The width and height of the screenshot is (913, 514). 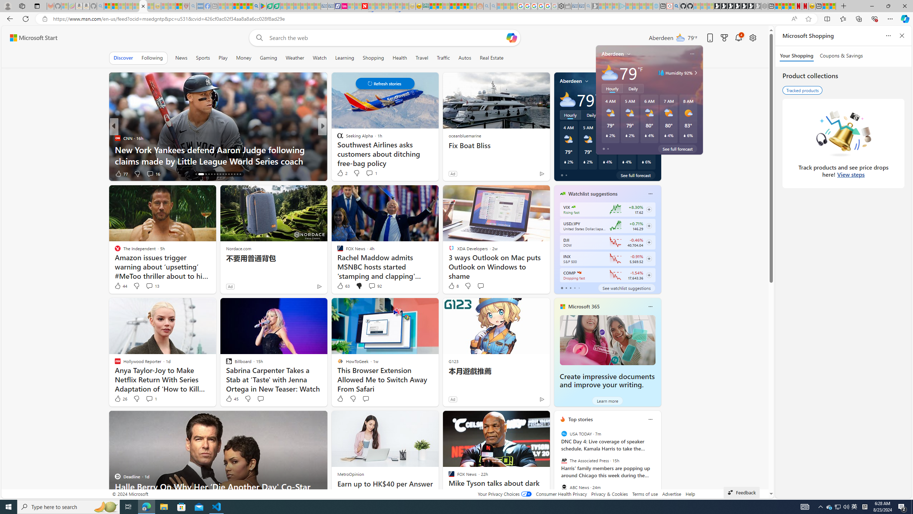 What do you see at coordinates (211, 174) in the screenshot?
I see `'AutomationID: tab-20'` at bounding box center [211, 174].